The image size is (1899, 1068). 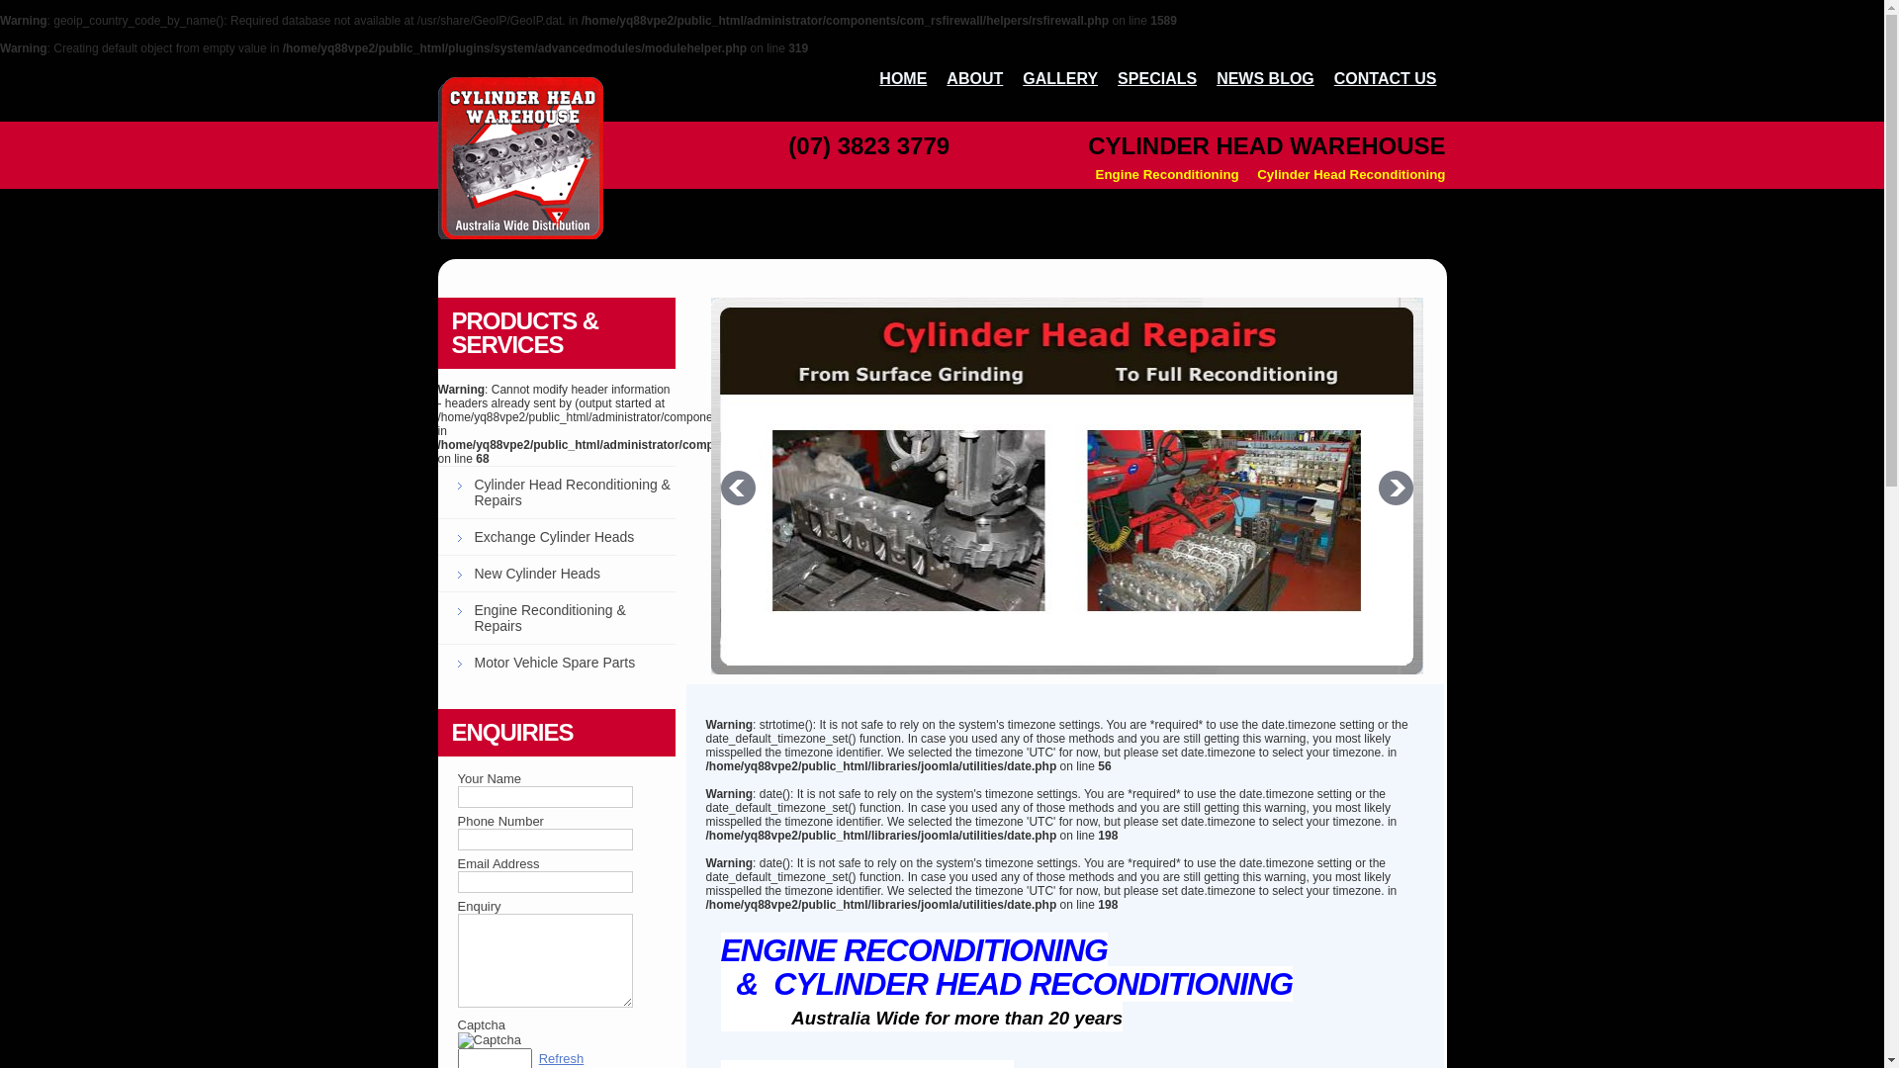 I want to click on 'New Cylinder Heads', so click(x=554, y=573).